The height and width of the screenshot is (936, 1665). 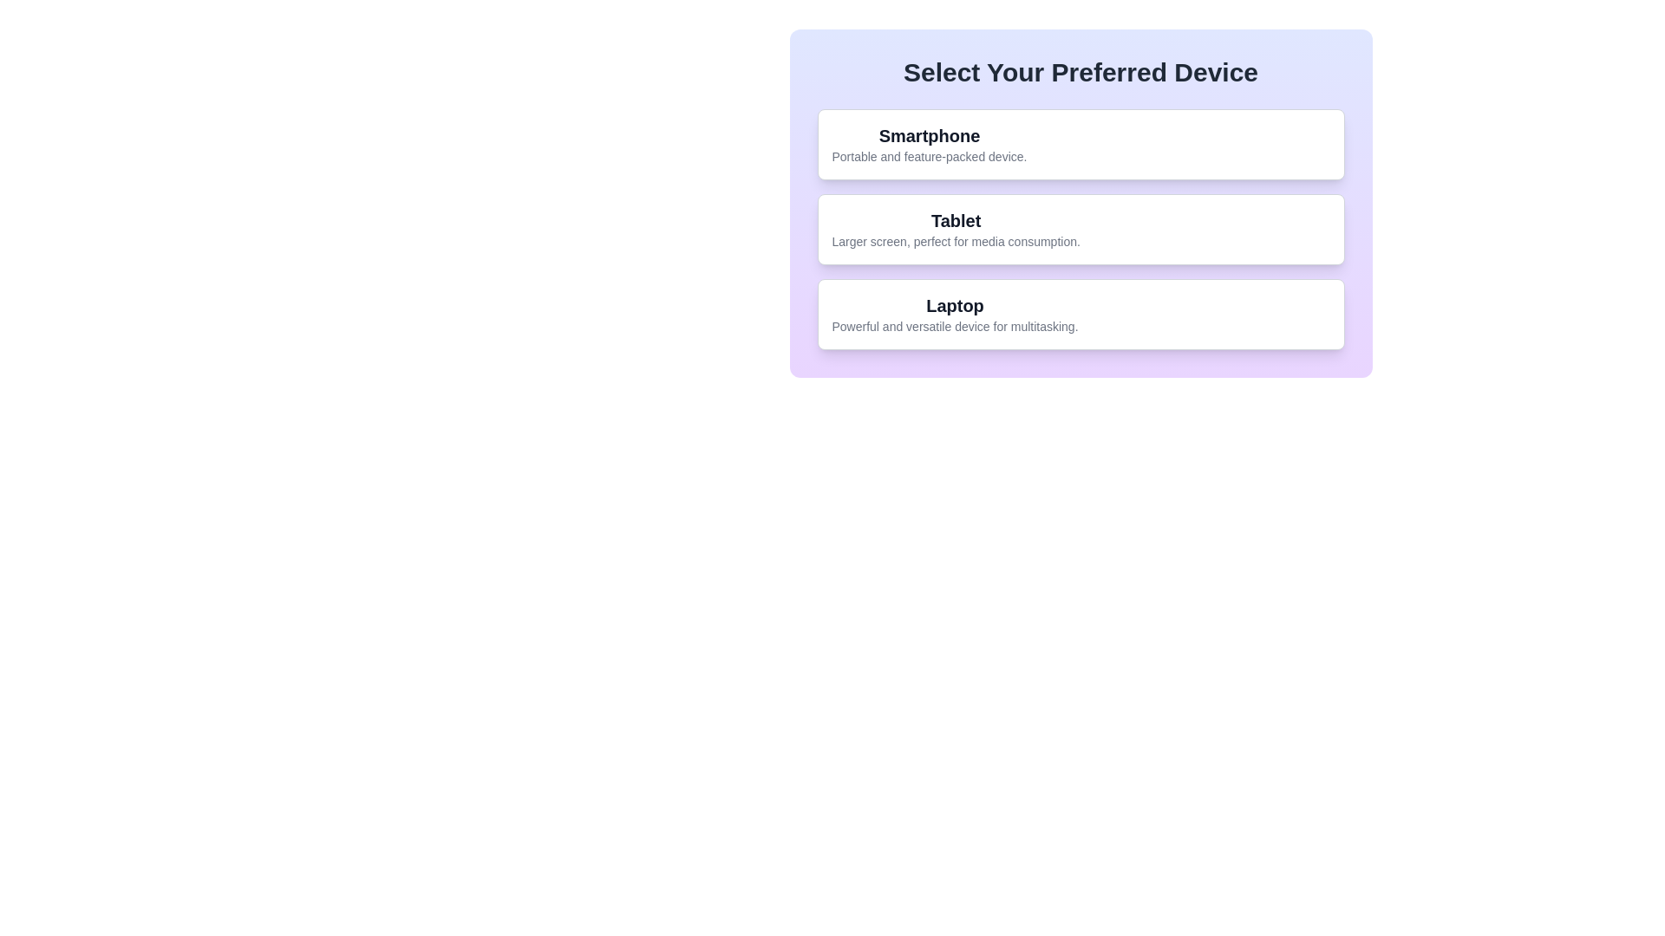 What do you see at coordinates (955, 219) in the screenshot?
I see `text content of the 'Tablet' option in the device selection menu, which is centrally located in the middle of a vertically arranged list` at bounding box center [955, 219].